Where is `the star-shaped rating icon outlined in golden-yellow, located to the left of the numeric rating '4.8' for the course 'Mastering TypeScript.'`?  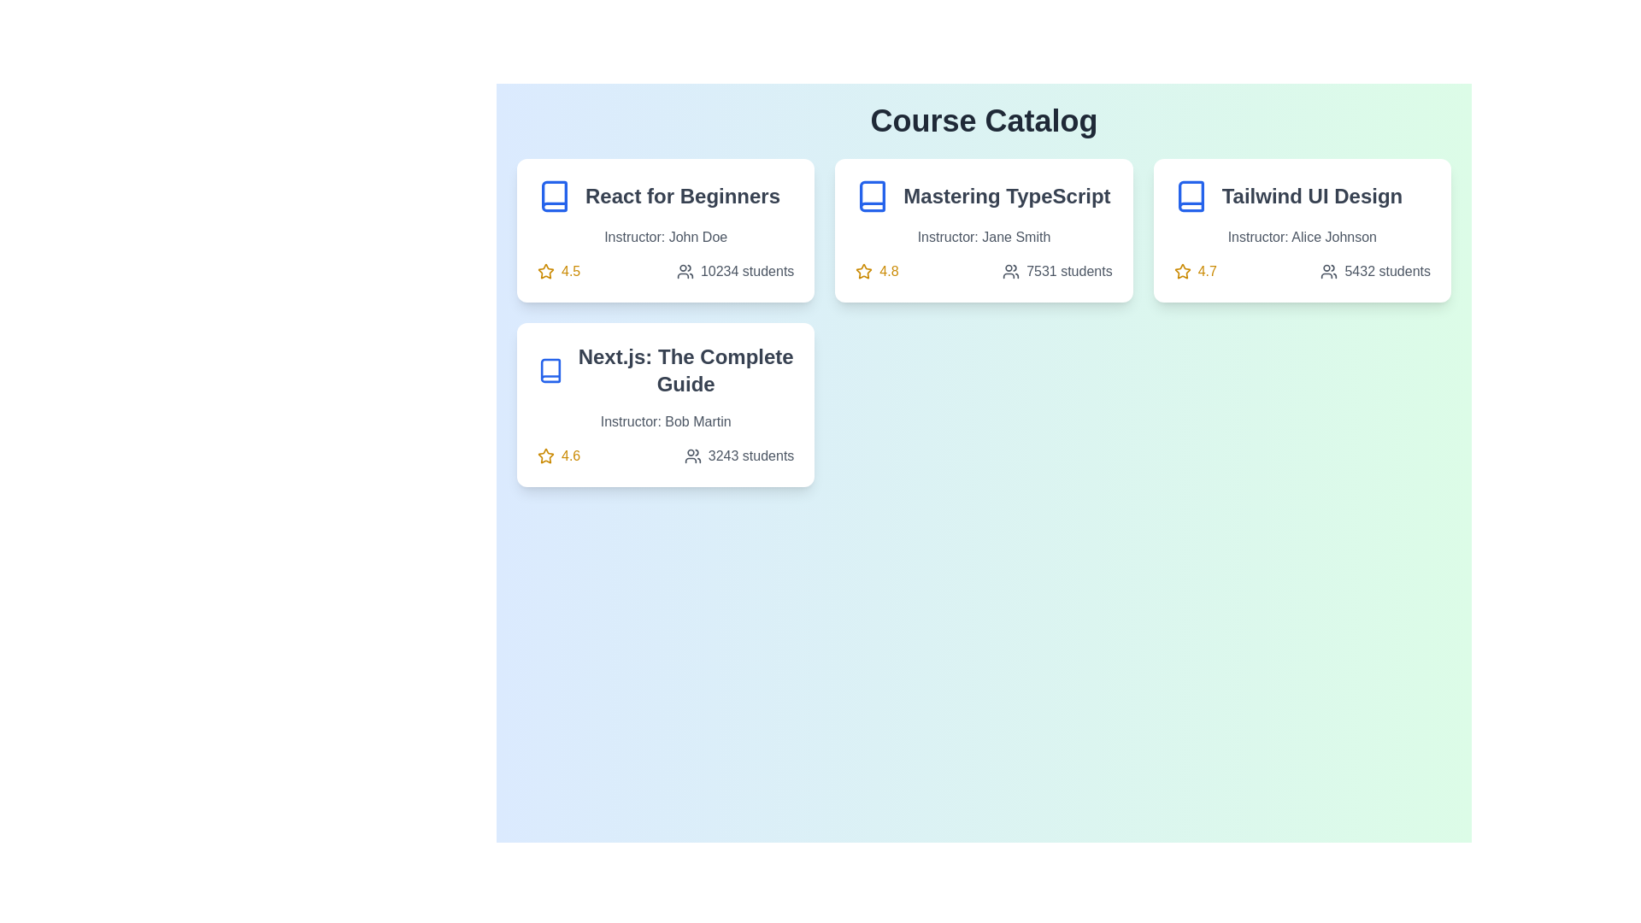
the star-shaped rating icon outlined in golden-yellow, located to the left of the numeric rating '4.8' for the course 'Mastering TypeScript.' is located at coordinates (864, 270).